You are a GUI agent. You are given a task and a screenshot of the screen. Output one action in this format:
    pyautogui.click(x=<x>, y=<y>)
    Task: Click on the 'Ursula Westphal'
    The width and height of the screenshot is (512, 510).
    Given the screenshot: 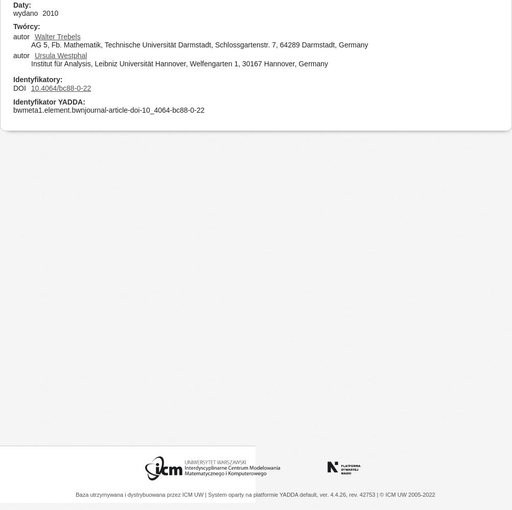 What is the action you would take?
    pyautogui.click(x=60, y=55)
    